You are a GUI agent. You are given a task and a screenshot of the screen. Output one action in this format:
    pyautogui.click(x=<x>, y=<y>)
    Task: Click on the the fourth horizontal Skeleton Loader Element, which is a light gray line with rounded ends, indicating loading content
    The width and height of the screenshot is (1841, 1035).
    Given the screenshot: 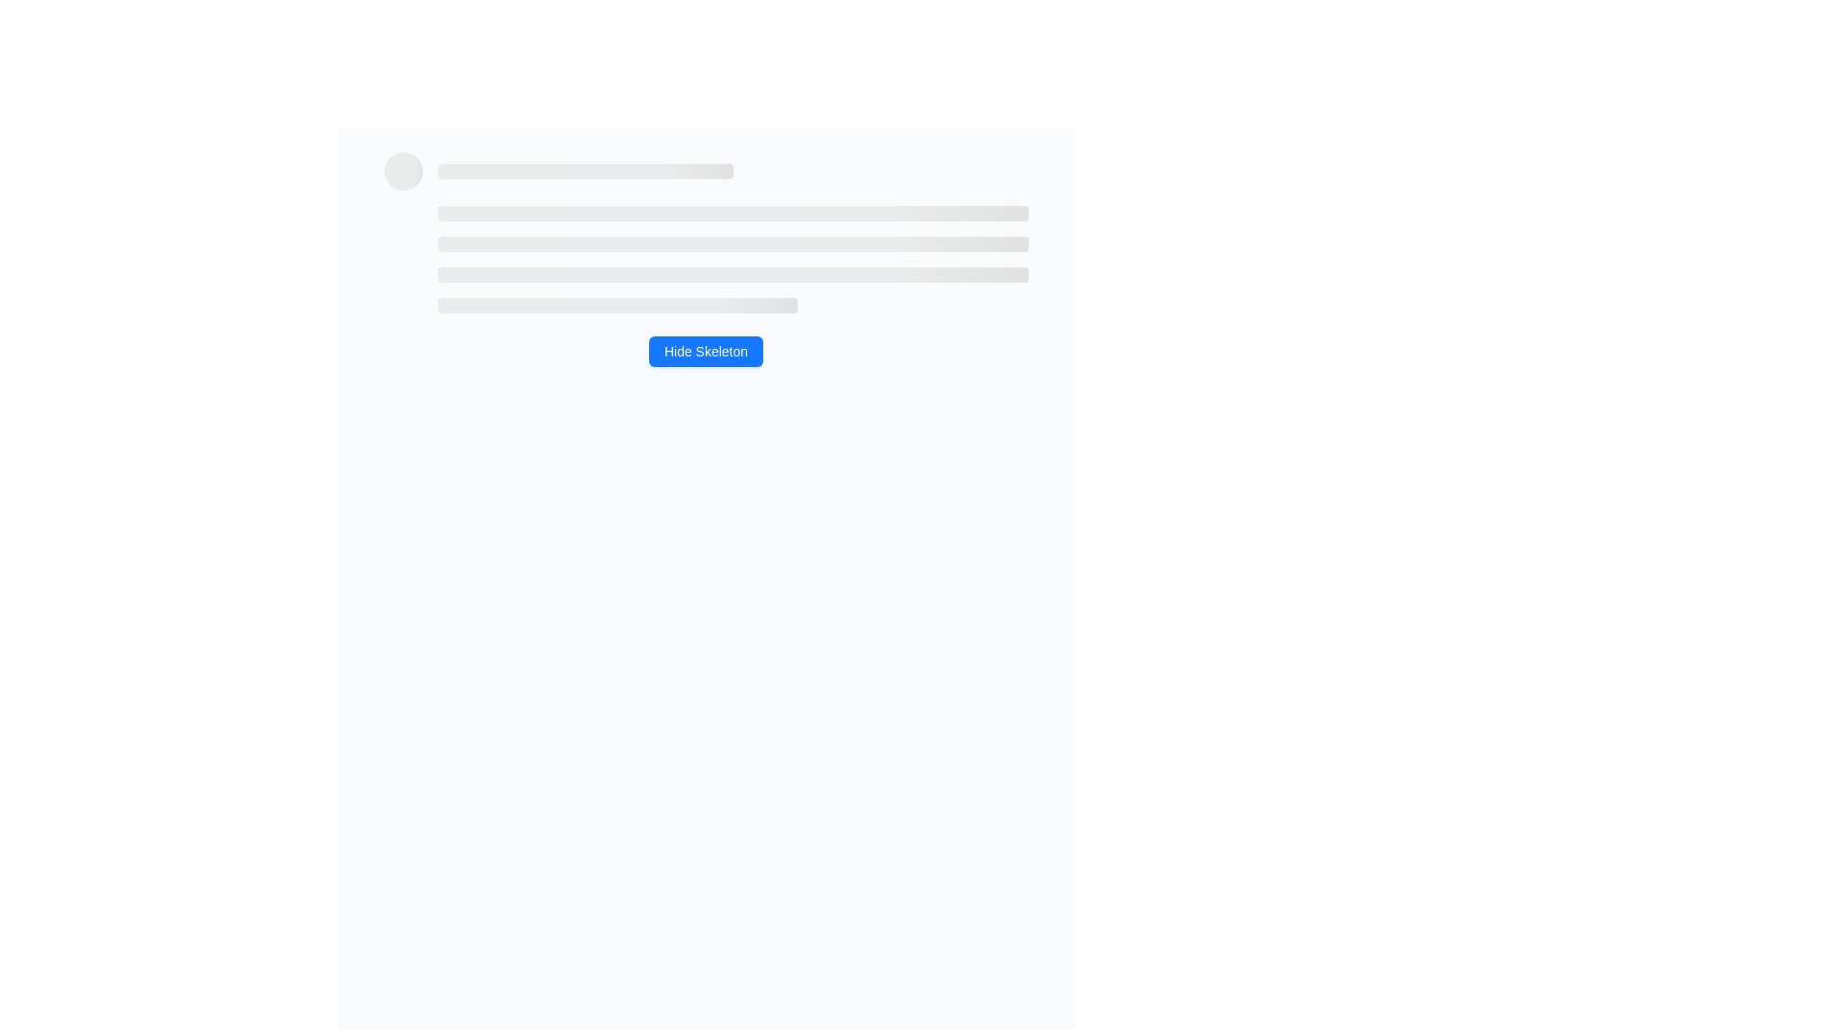 What is the action you would take?
    pyautogui.click(x=618, y=305)
    